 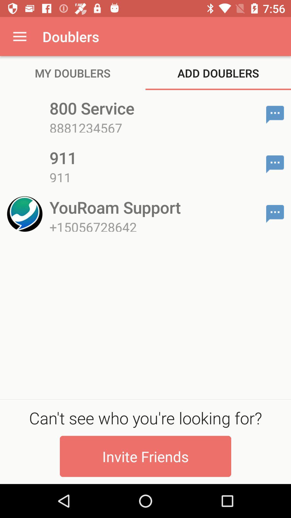 I want to click on app next to doublers app, so click(x=19, y=36).